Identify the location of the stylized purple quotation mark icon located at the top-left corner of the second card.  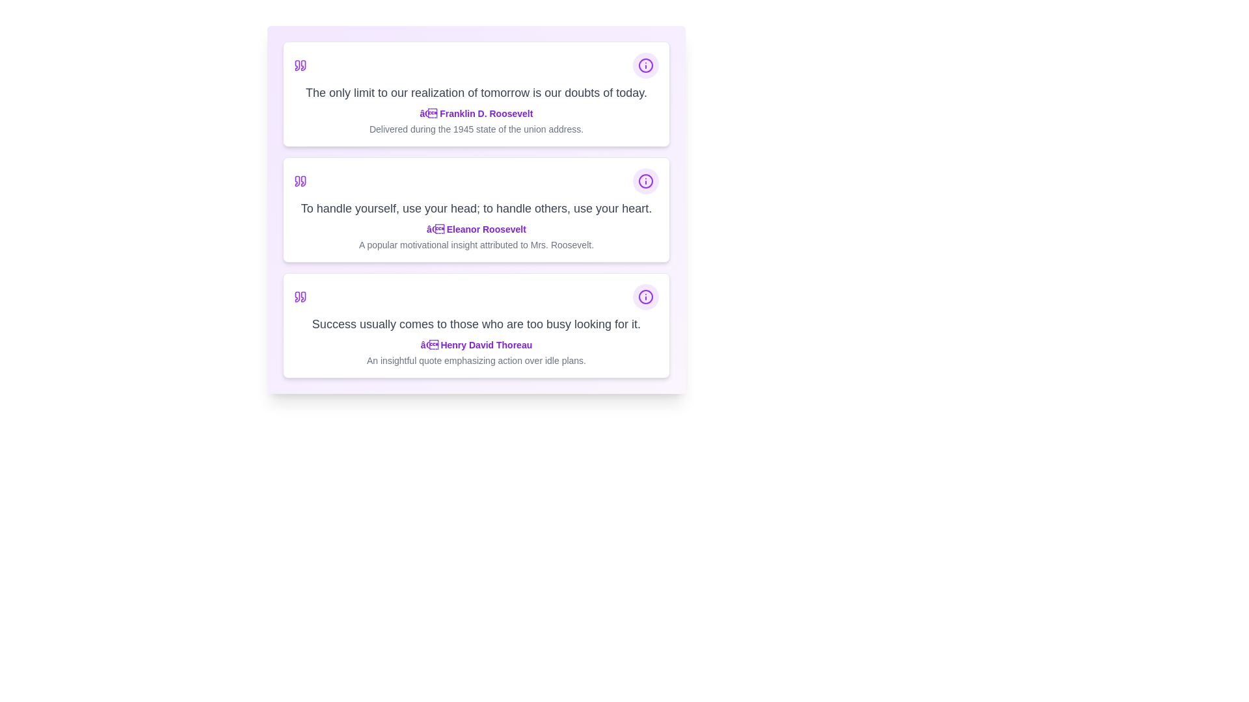
(302, 181).